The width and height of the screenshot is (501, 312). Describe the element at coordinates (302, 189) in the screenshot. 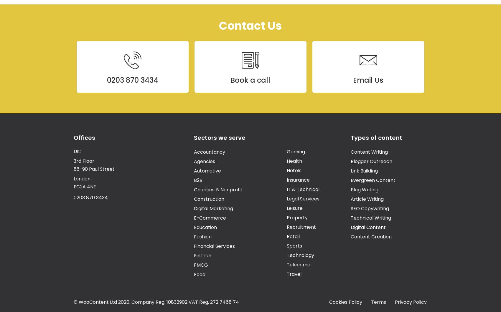

I see `'IT & Technical'` at that location.